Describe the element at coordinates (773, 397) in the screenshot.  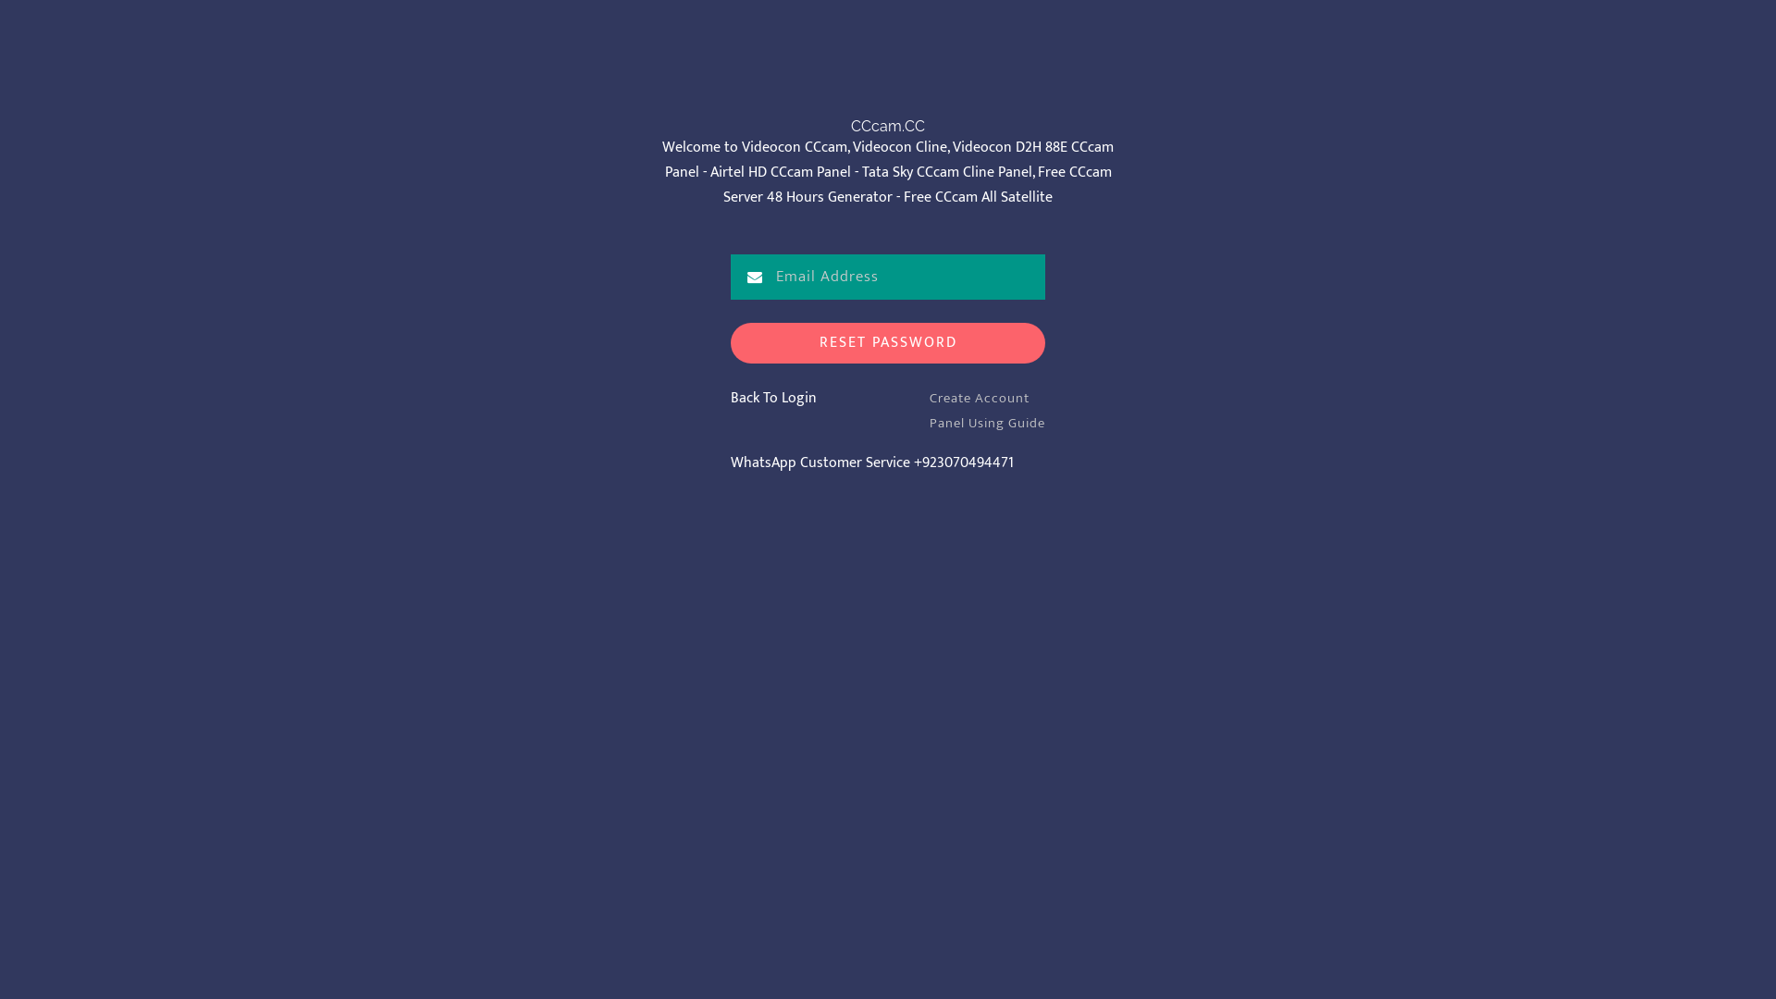
I see `'Back To Login'` at that location.